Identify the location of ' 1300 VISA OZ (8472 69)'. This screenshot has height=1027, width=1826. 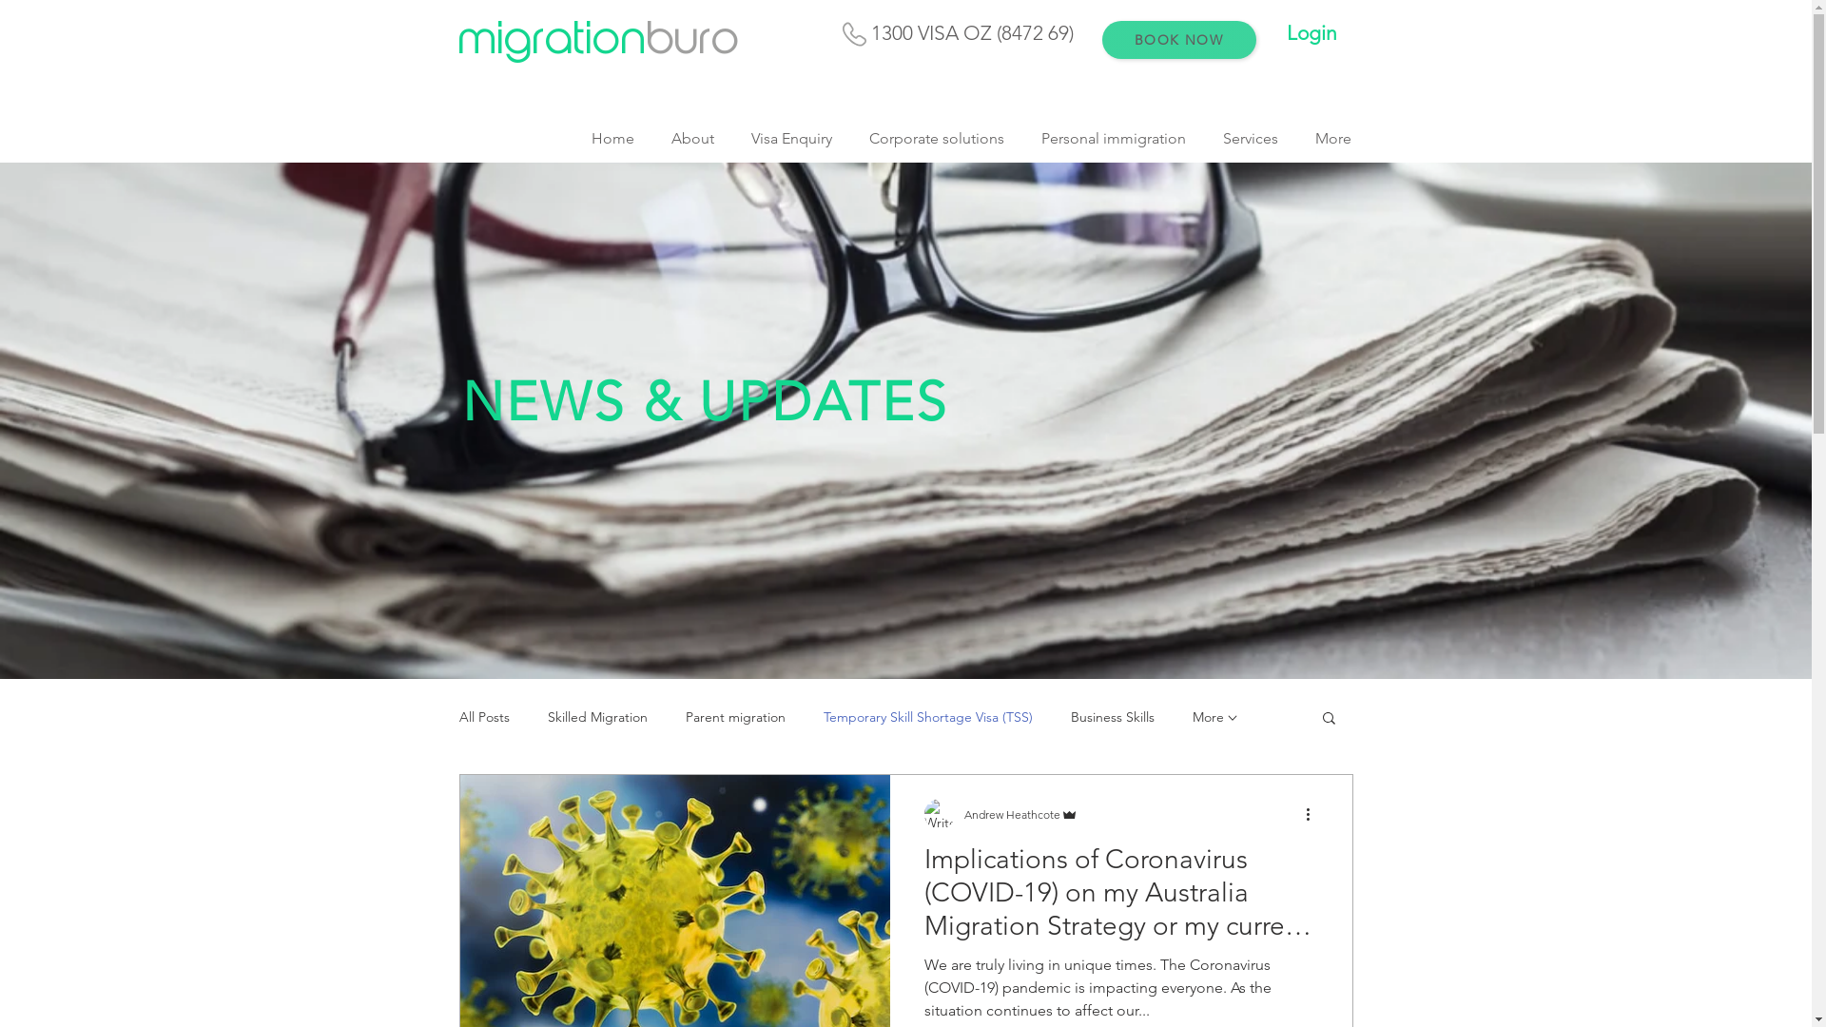
(968, 32).